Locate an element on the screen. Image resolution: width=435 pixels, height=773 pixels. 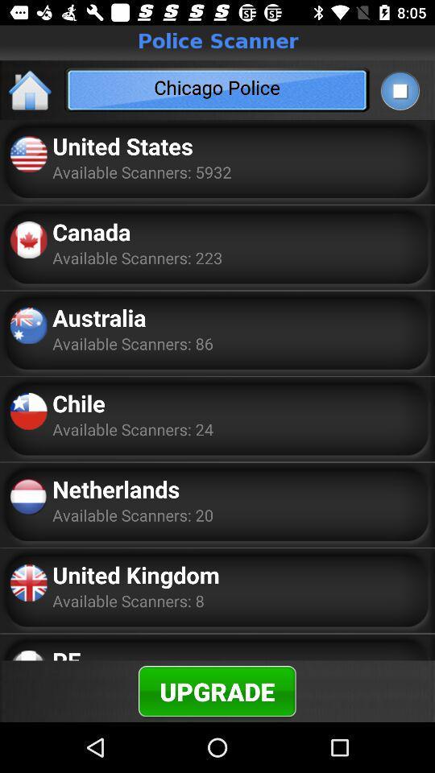
the icon next to chicago police app is located at coordinates (399, 90).